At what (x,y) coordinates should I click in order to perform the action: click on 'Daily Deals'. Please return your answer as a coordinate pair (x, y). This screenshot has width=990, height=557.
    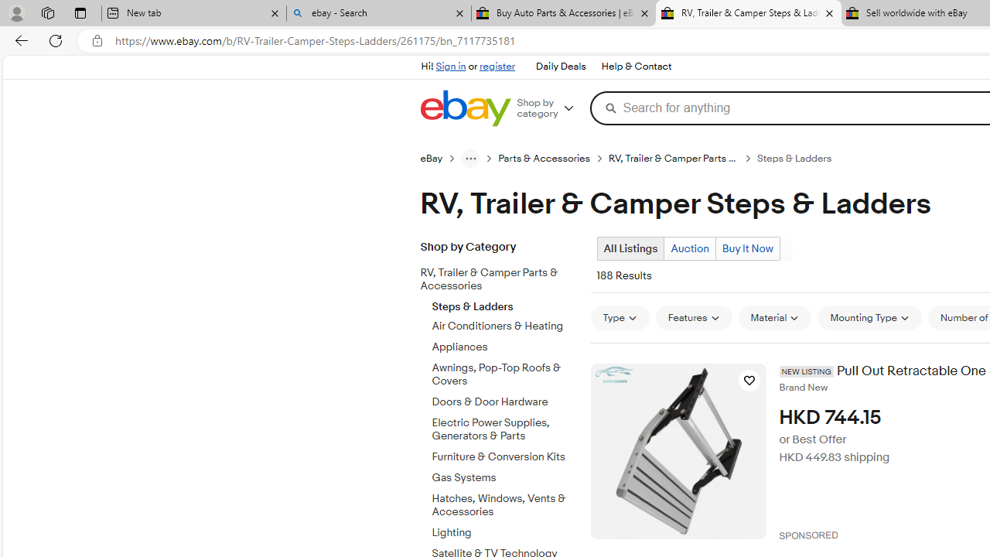
    Looking at the image, I should click on (560, 67).